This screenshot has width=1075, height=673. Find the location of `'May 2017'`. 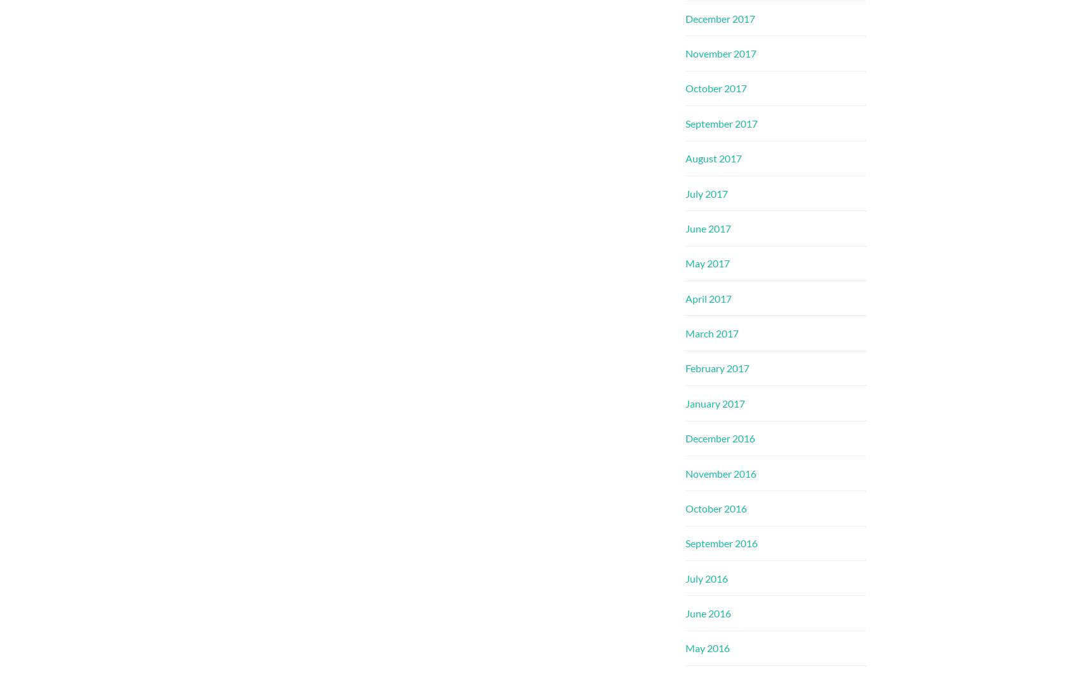

'May 2017' is located at coordinates (707, 262).